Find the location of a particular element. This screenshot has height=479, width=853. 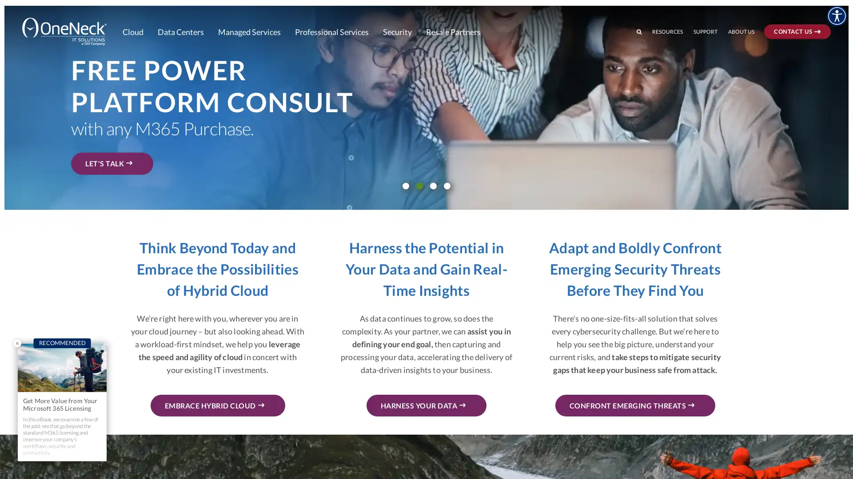

GET THE SECURITY TOOLKIT FOR IT LEADERS is located at coordinates (172, 149).